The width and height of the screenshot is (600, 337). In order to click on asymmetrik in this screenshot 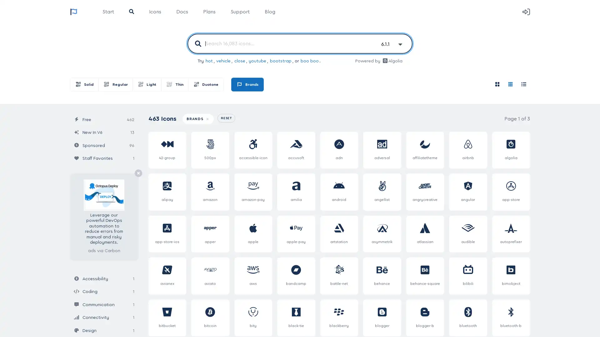, I will do `click(382, 238)`.